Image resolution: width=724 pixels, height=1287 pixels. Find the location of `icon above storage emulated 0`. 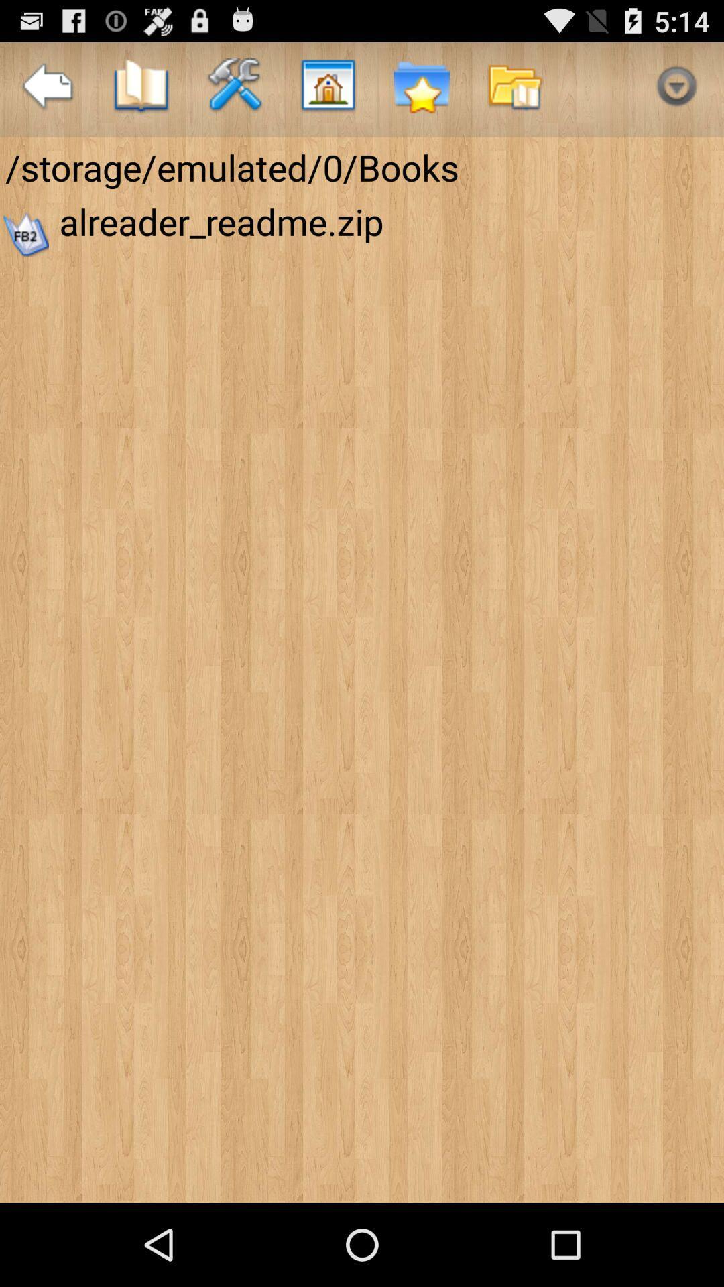

icon above storage emulated 0 is located at coordinates (141, 88).